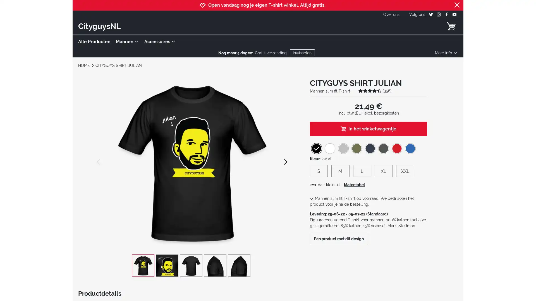 This screenshot has width=536, height=301. Describe the element at coordinates (215, 265) in the screenshot. I see `CITYGUYS SHIRT JULIAN view 4` at that location.